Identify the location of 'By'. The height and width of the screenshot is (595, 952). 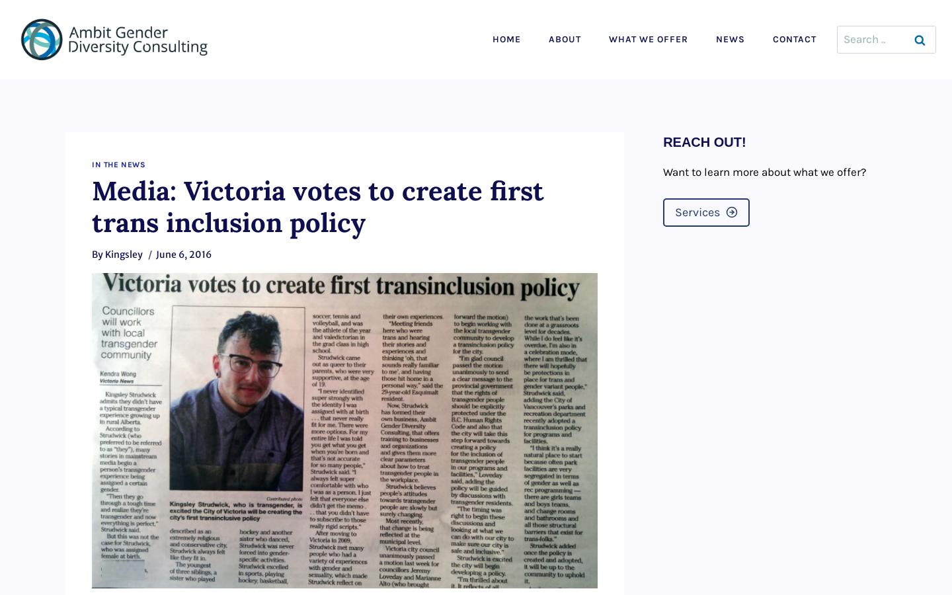
(91, 254).